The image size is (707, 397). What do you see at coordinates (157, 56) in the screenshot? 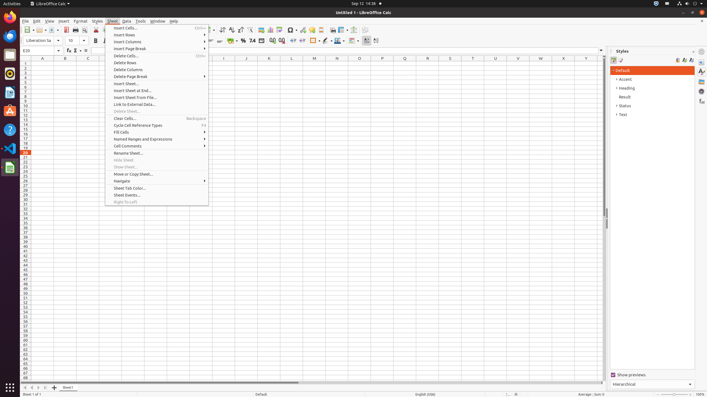
I see `'Delete Cells...'` at bounding box center [157, 56].